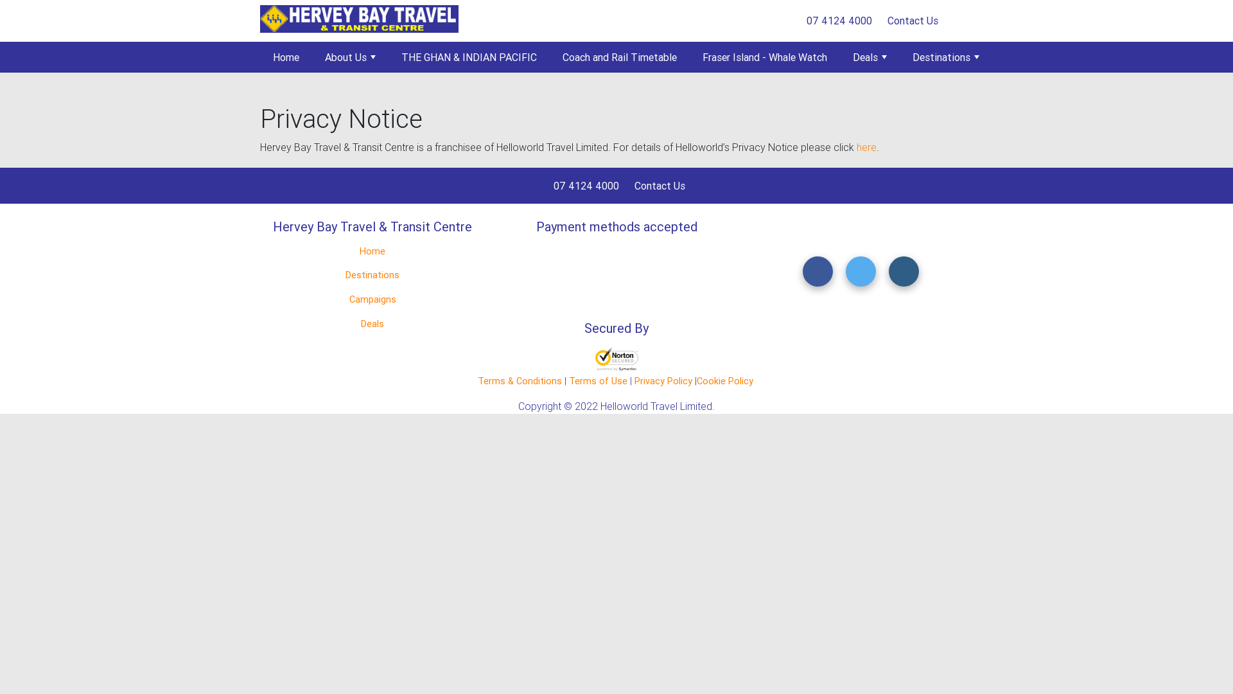 The image size is (1233, 694). Describe the element at coordinates (521, 380) in the screenshot. I see `'Terms & Conditions'` at that location.